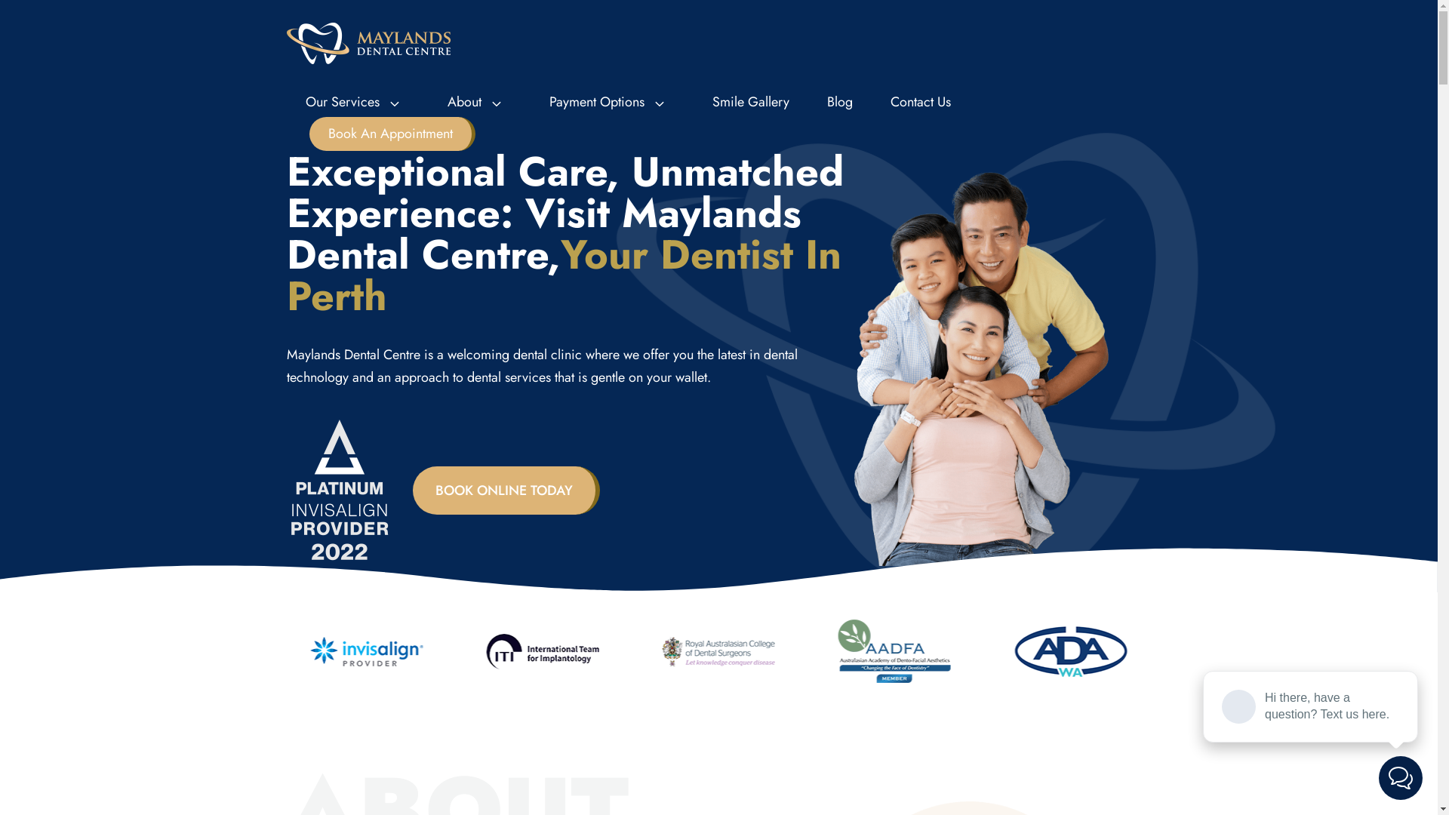  I want to click on 'Smile Gallery', so click(749, 102).